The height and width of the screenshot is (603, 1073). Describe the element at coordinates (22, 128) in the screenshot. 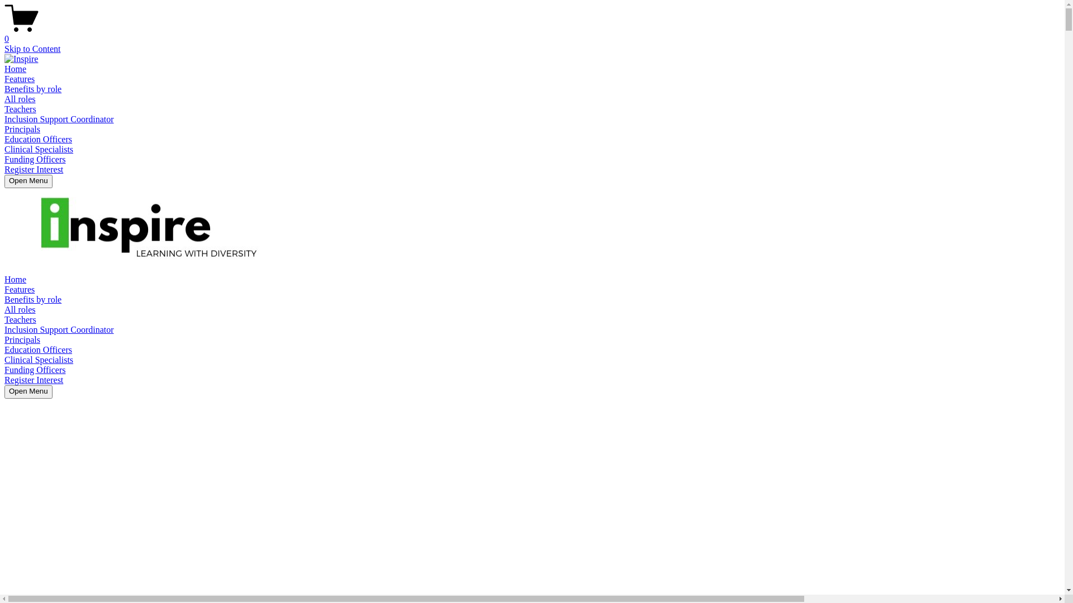

I see `'Principals'` at that location.